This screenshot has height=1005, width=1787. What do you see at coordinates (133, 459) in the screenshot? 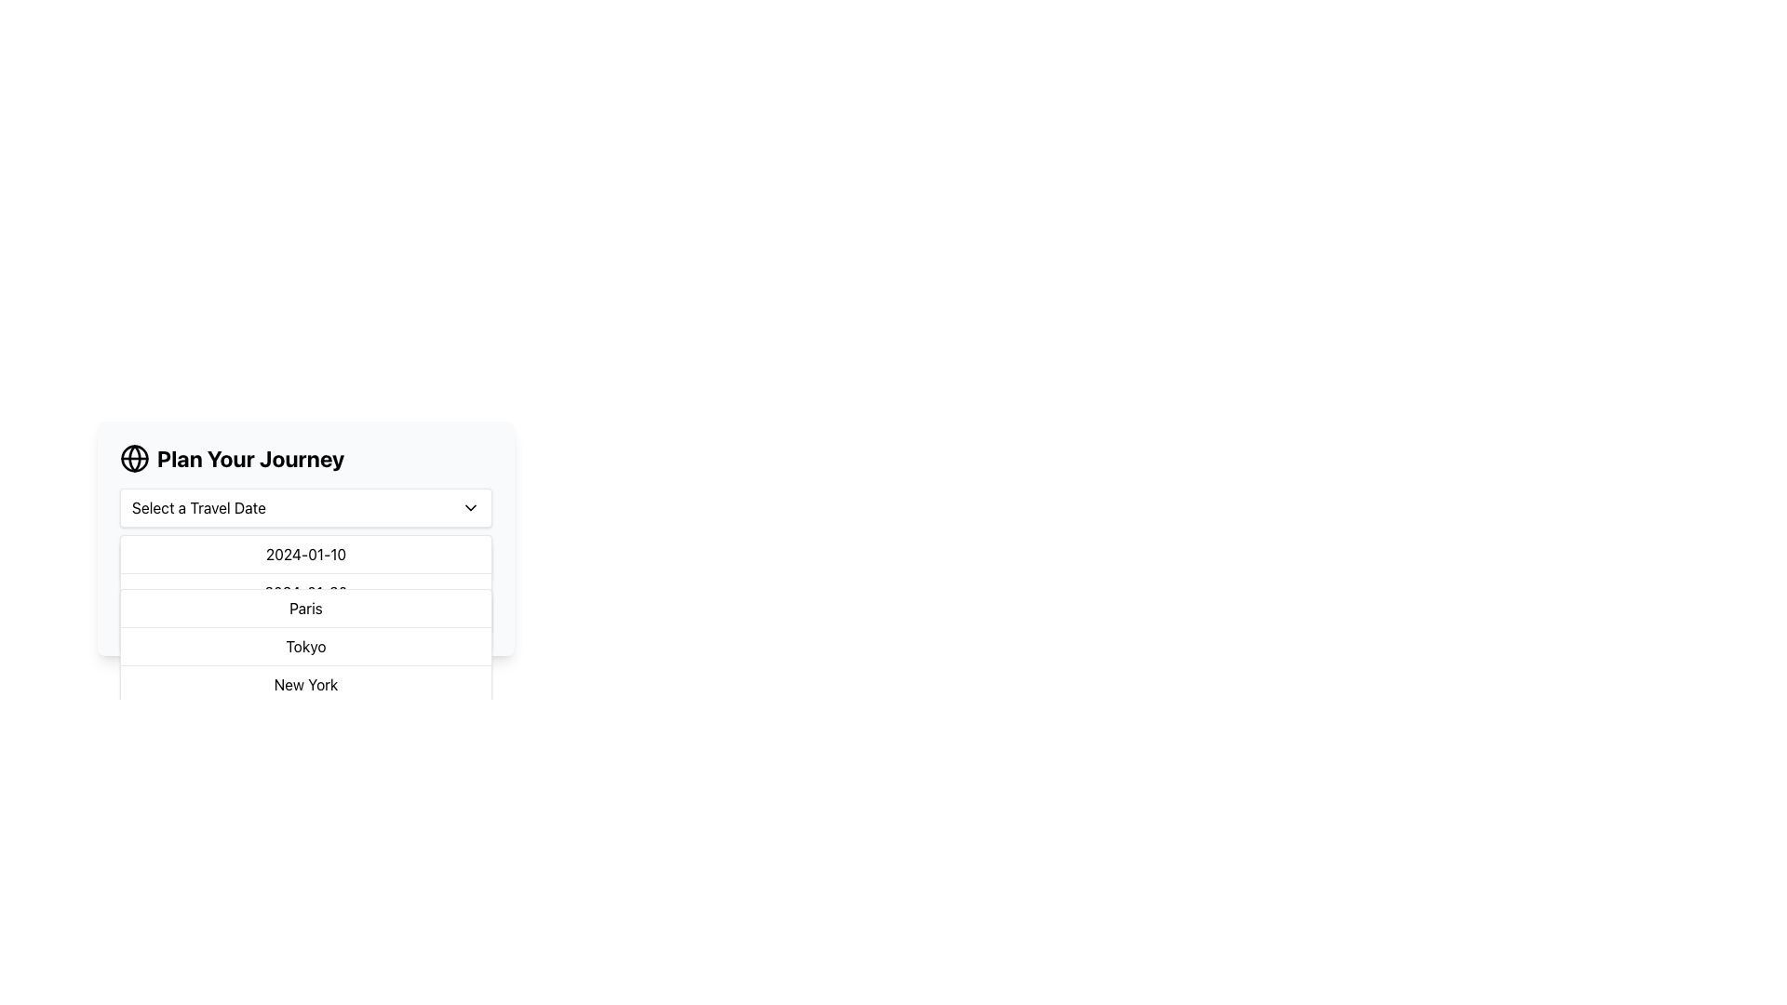
I see `the central decorative circle component of the globe icon located at the top-left corner of the interface` at bounding box center [133, 459].